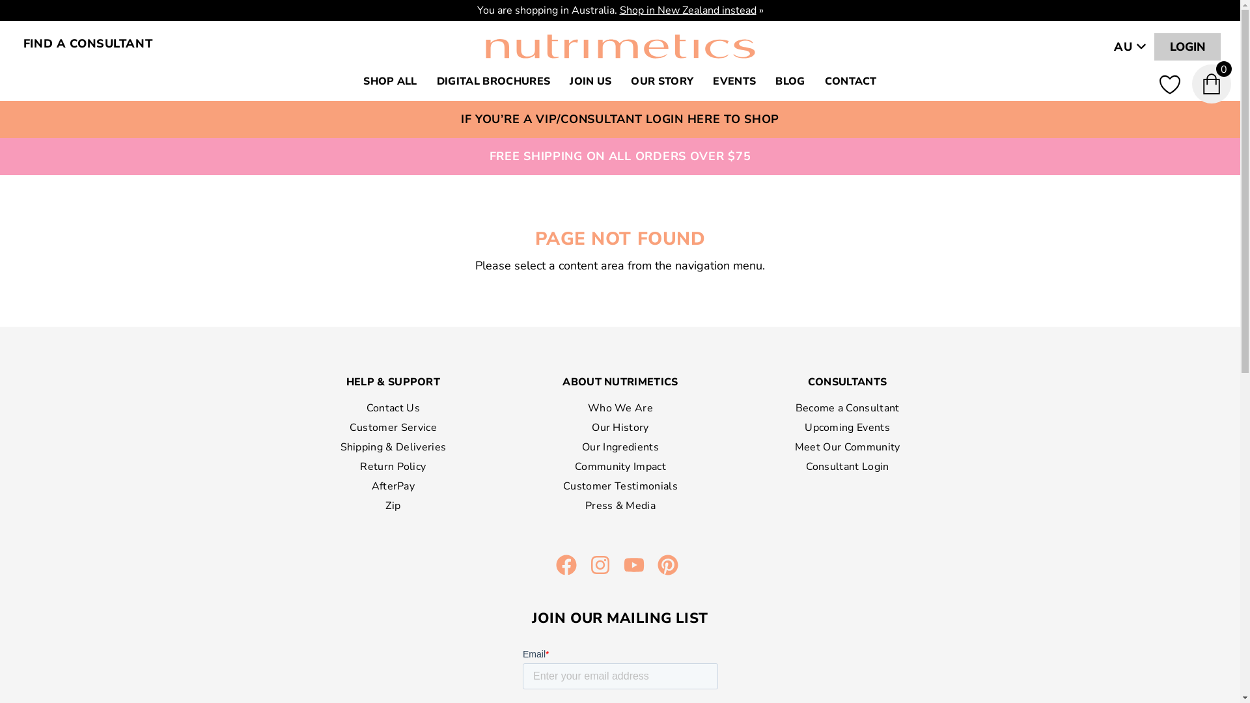  I want to click on 'ABOUT NUTRIMETICS', so click(619, 381).